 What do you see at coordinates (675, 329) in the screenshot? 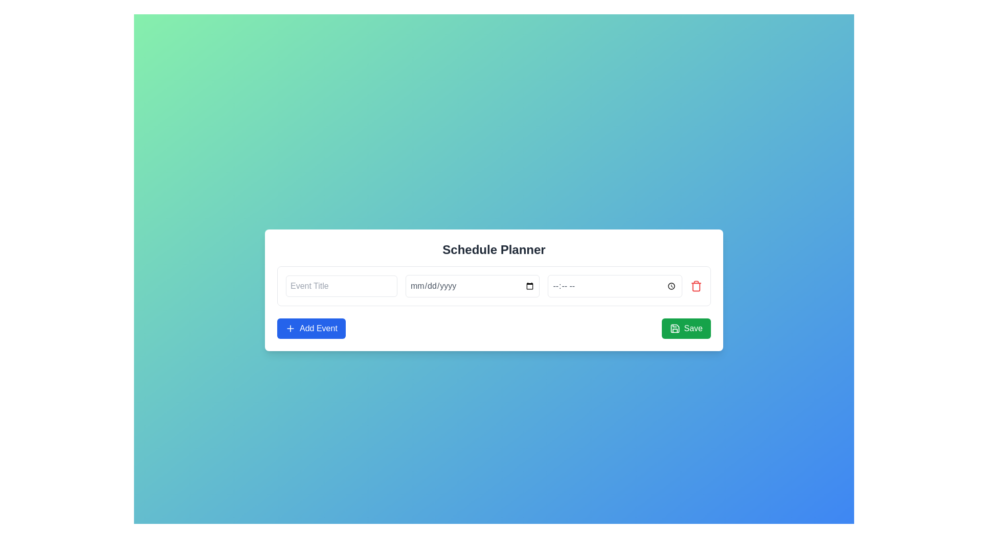
I see `the save icon, which is a white stylized floppy disk outline located within the green 'Save' button at the bottom-right corner of the modal` at bounding box center [675, 329].